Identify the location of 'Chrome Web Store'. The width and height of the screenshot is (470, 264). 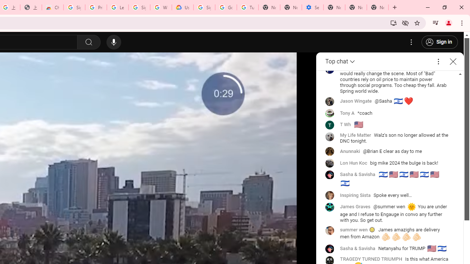
(52, 7).